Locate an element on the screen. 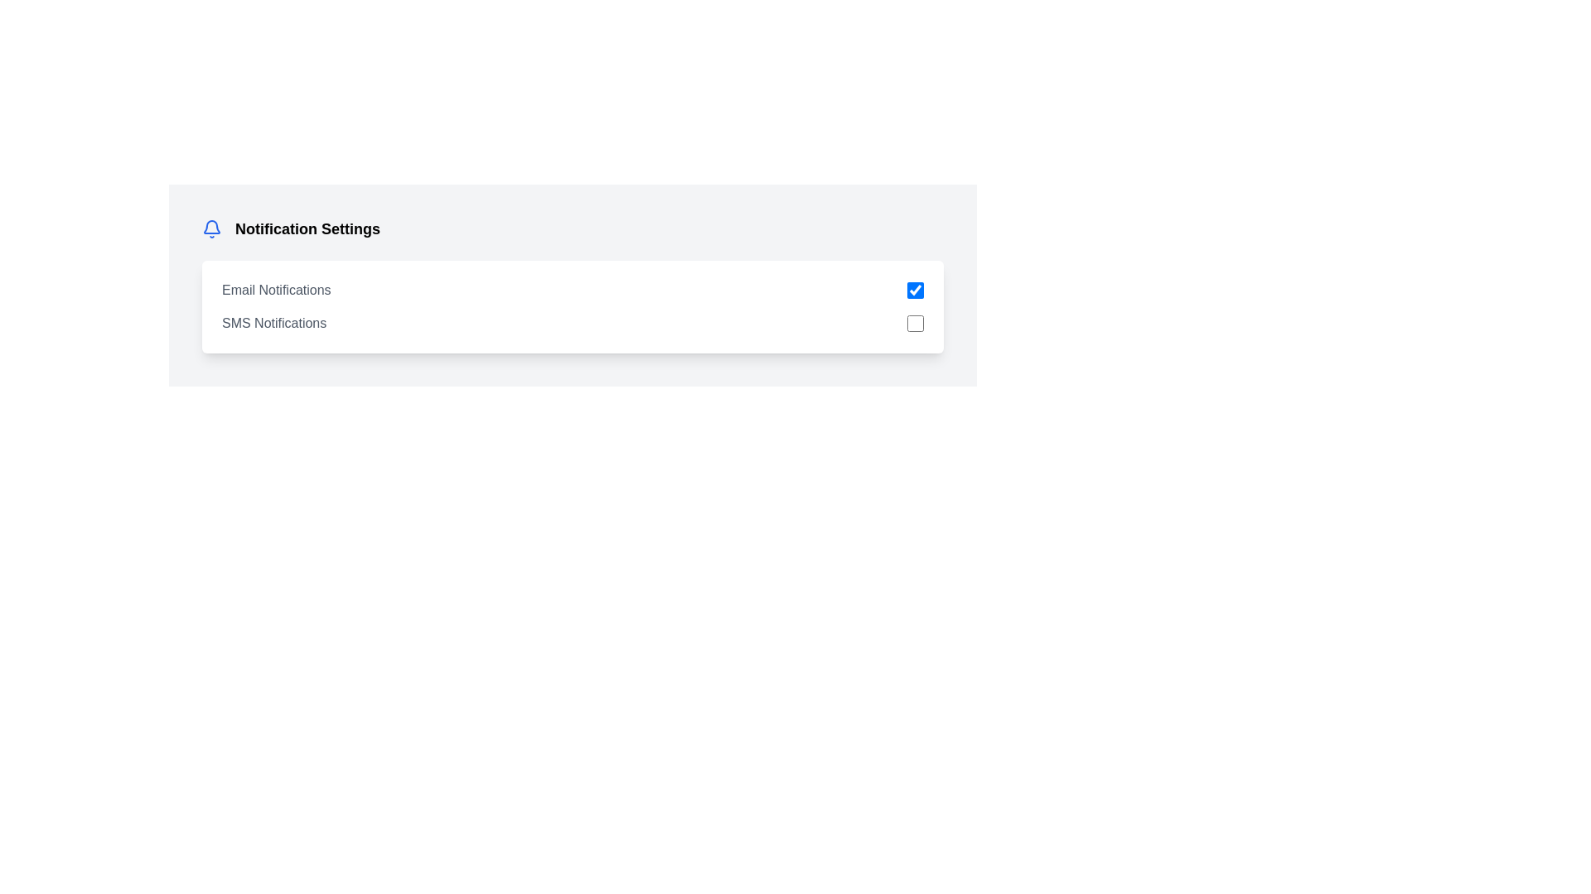  the static text label reading 'SMS Notifications' which is located in the notification settings section, specifically the second row on the left side is located at coordinates (274, 323).